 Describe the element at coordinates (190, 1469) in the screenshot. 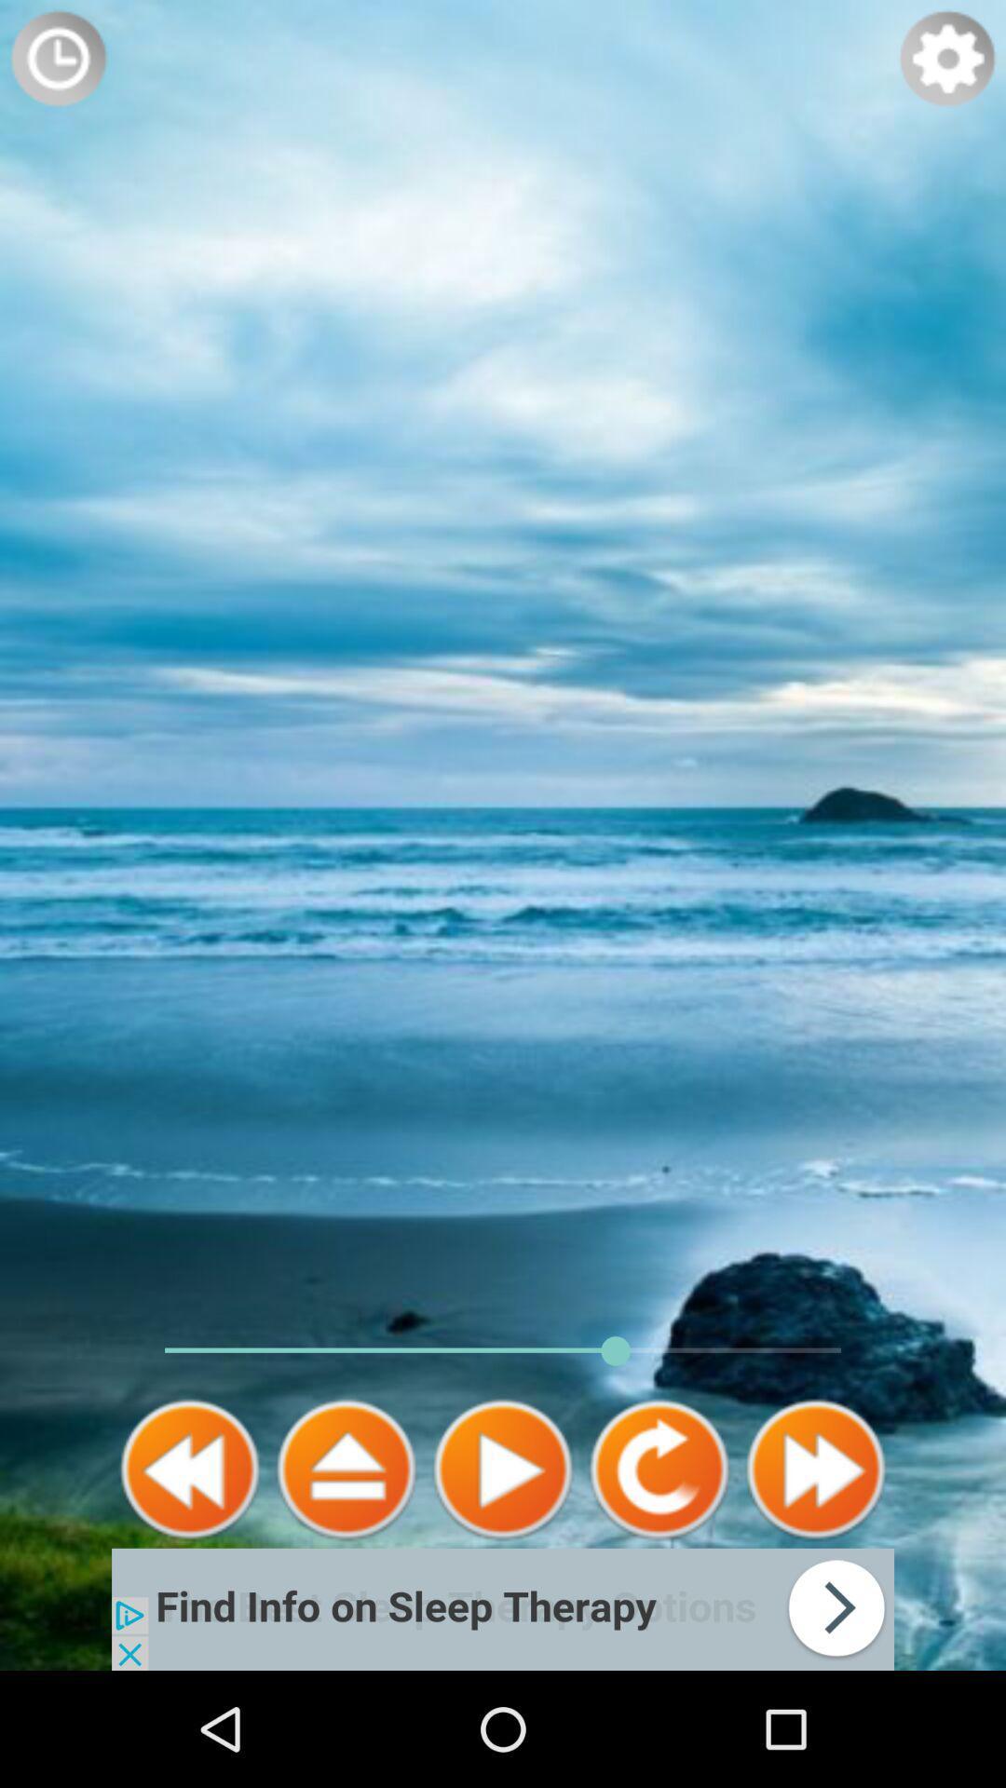

I see `backward` at that location.